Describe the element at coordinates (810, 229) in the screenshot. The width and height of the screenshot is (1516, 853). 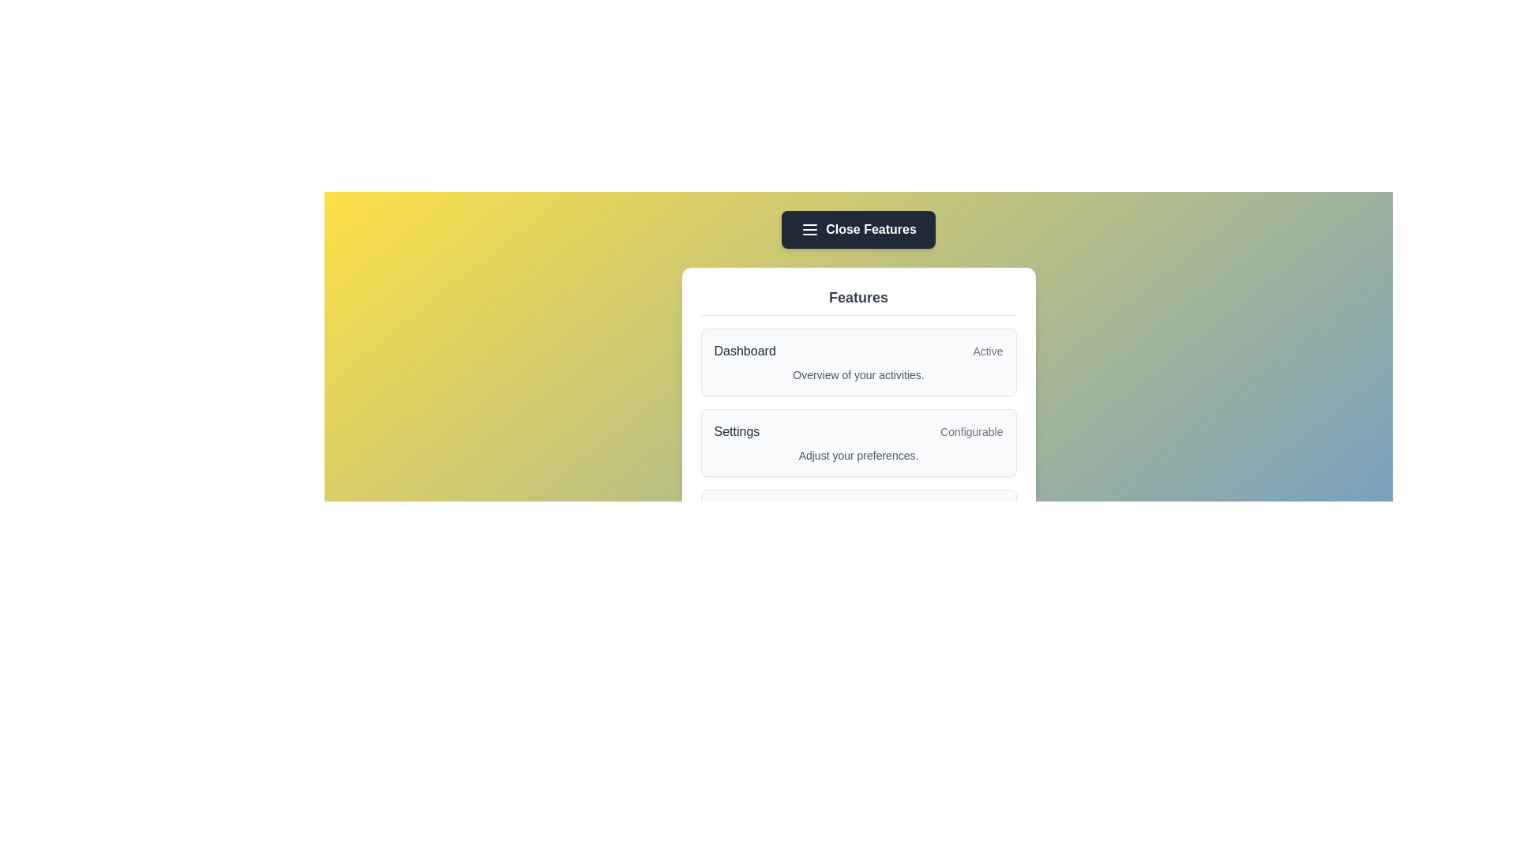
I see `the menu icon located left of the 'Close Features' text within a dark rectangular button at the top of the interface` at that location.